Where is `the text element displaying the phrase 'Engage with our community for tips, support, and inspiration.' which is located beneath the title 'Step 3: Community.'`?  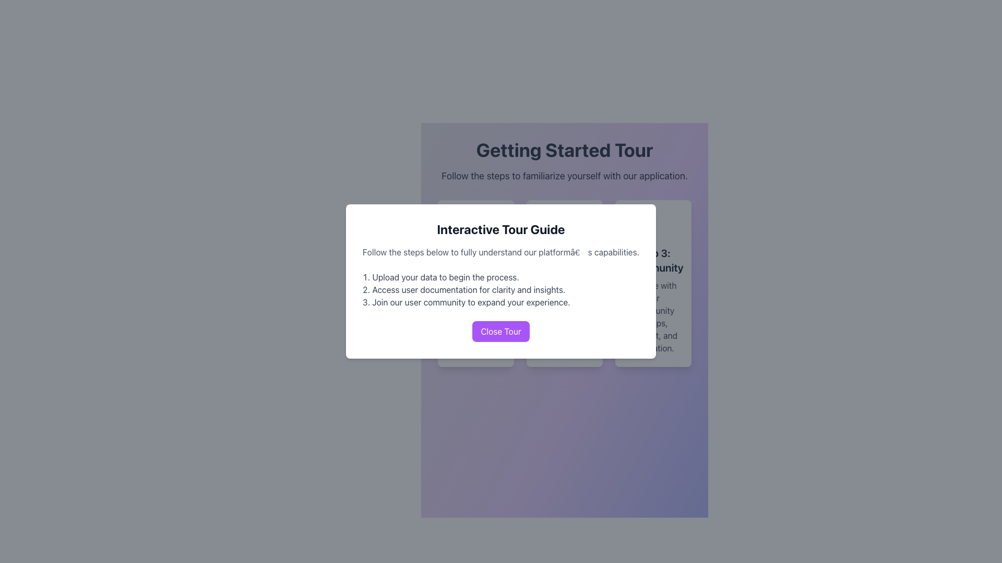 the text element displaying the phrase 'Engage with our community for tips, support, and inspiration.' which is located beneath the title 'Step 3: Community.' is located at coordinates (653, 316).